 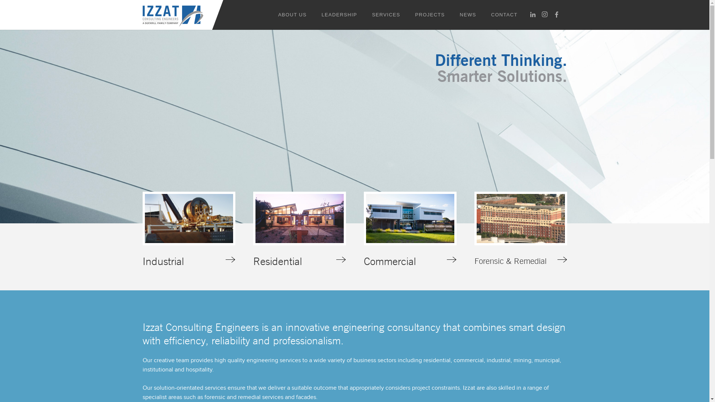 I want to click on 'NEWS', so click(x=468, y=15).